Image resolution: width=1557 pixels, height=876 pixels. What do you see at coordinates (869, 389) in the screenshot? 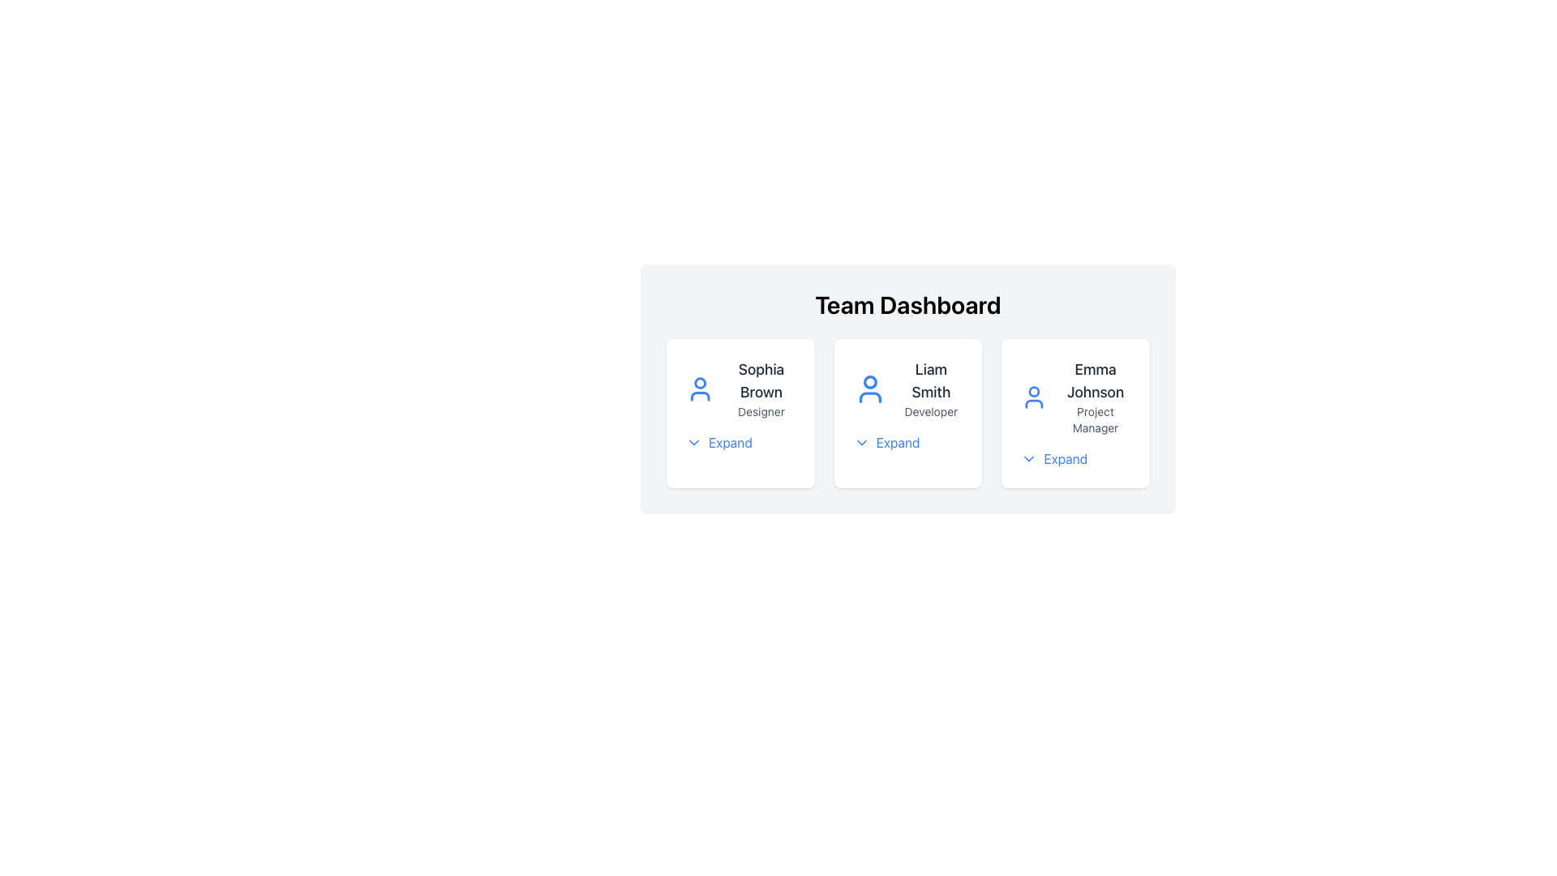
I see `the user icon resembling a human figure with a blue color` at bounding box center [869, 389].